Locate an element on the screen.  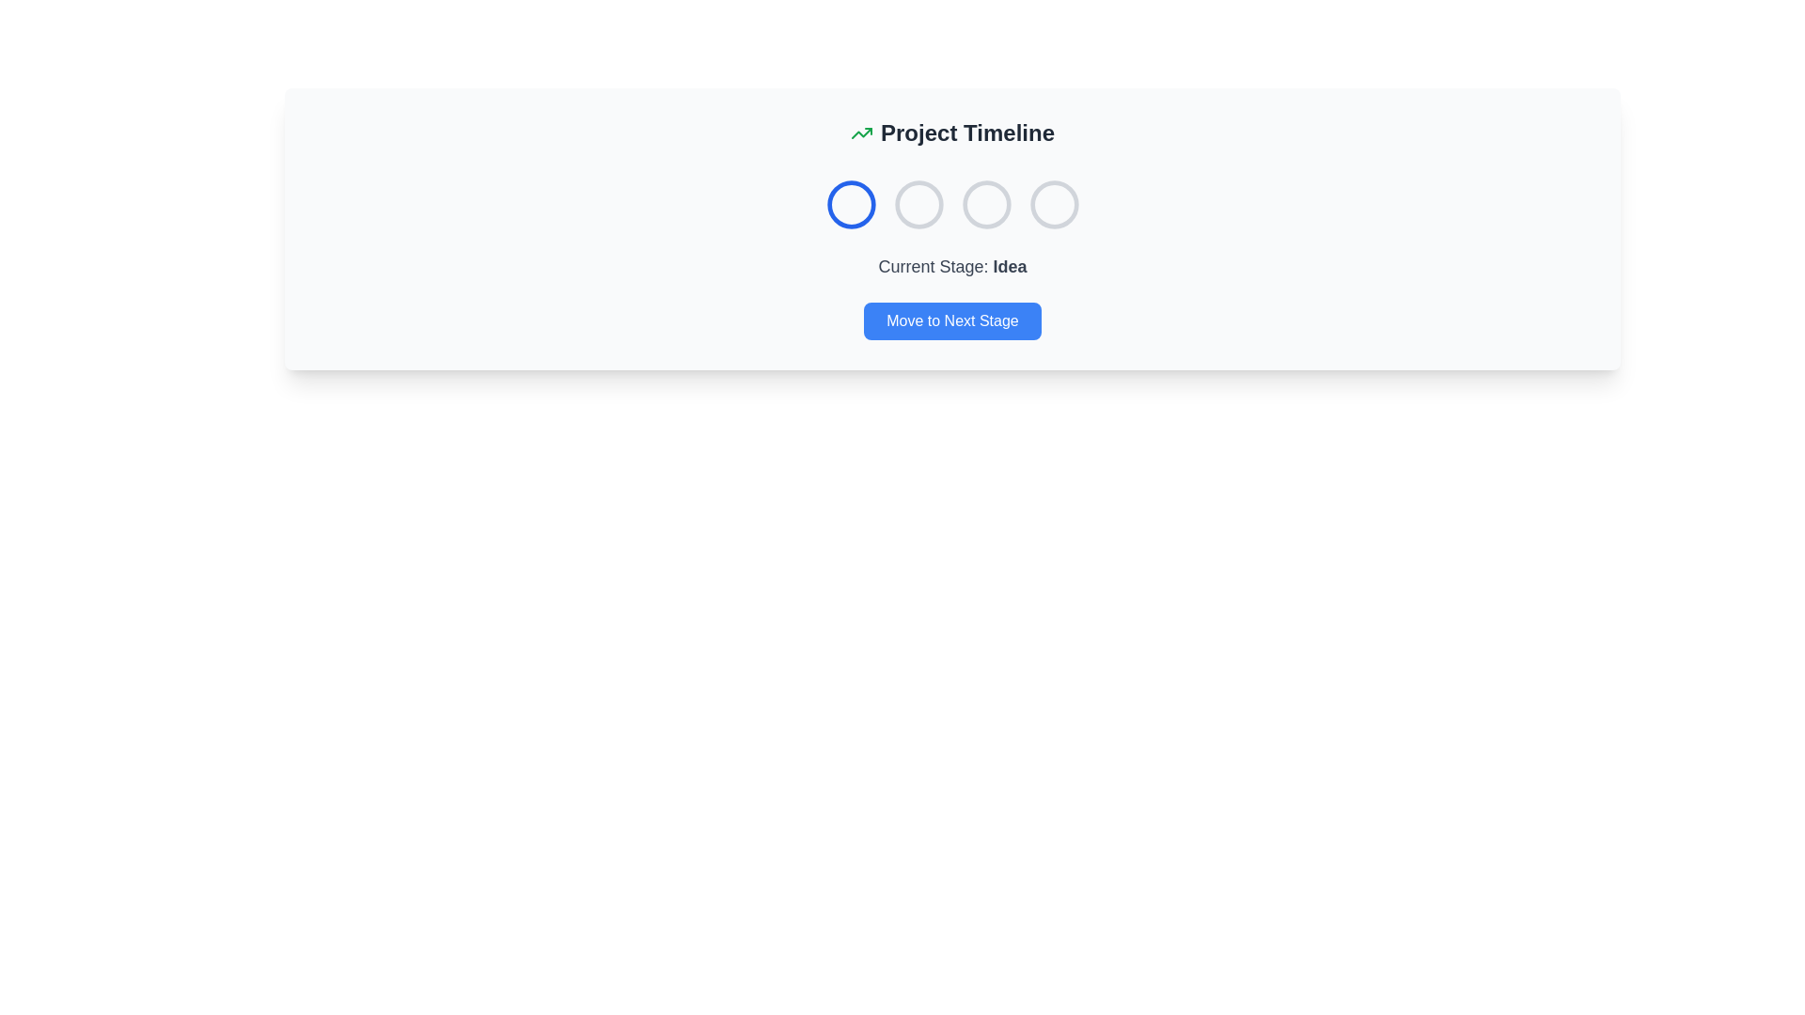
the 'Move to Next Stage' button, which is centrally aligned and located below the text 'Current Stage: Idea' is located at coordinates (952, 320).